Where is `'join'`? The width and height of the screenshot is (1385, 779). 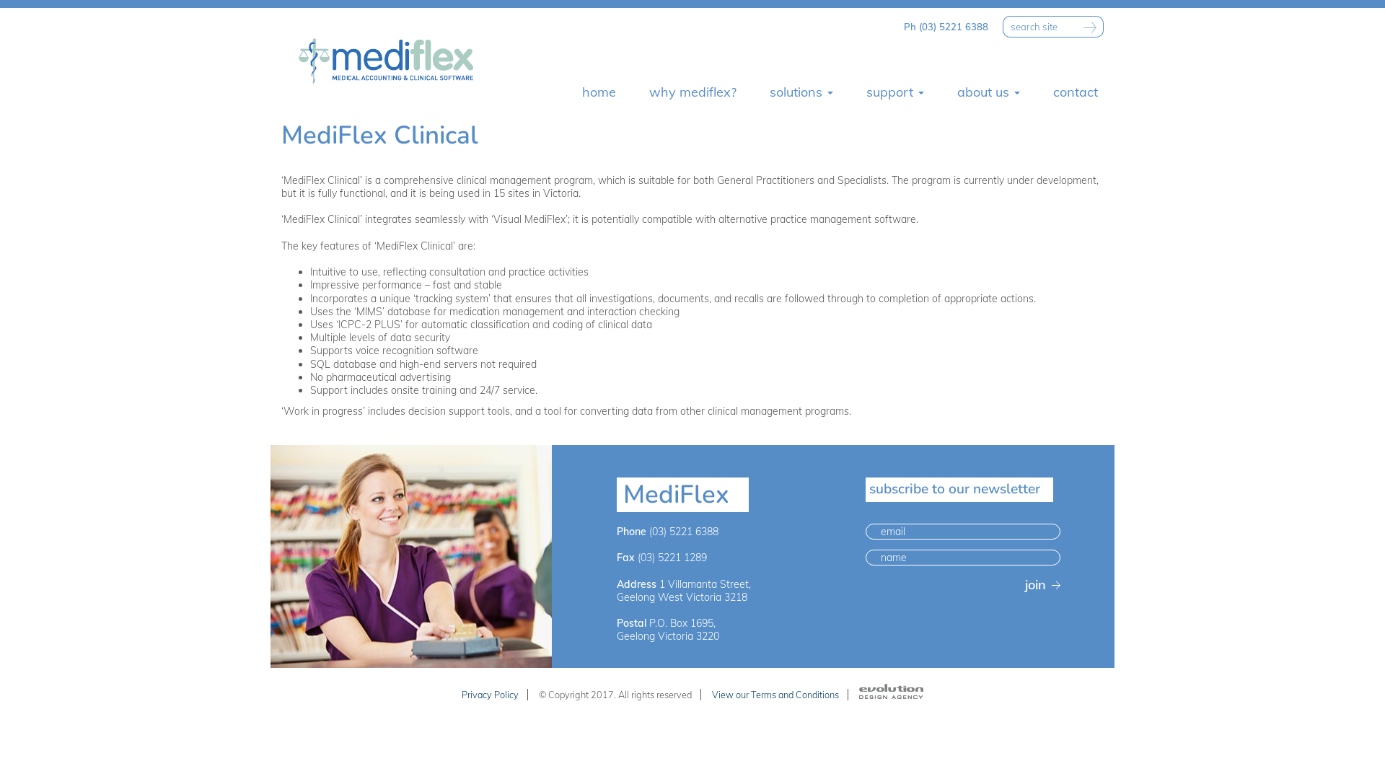
'join' is located at coordinates (1010, 584).